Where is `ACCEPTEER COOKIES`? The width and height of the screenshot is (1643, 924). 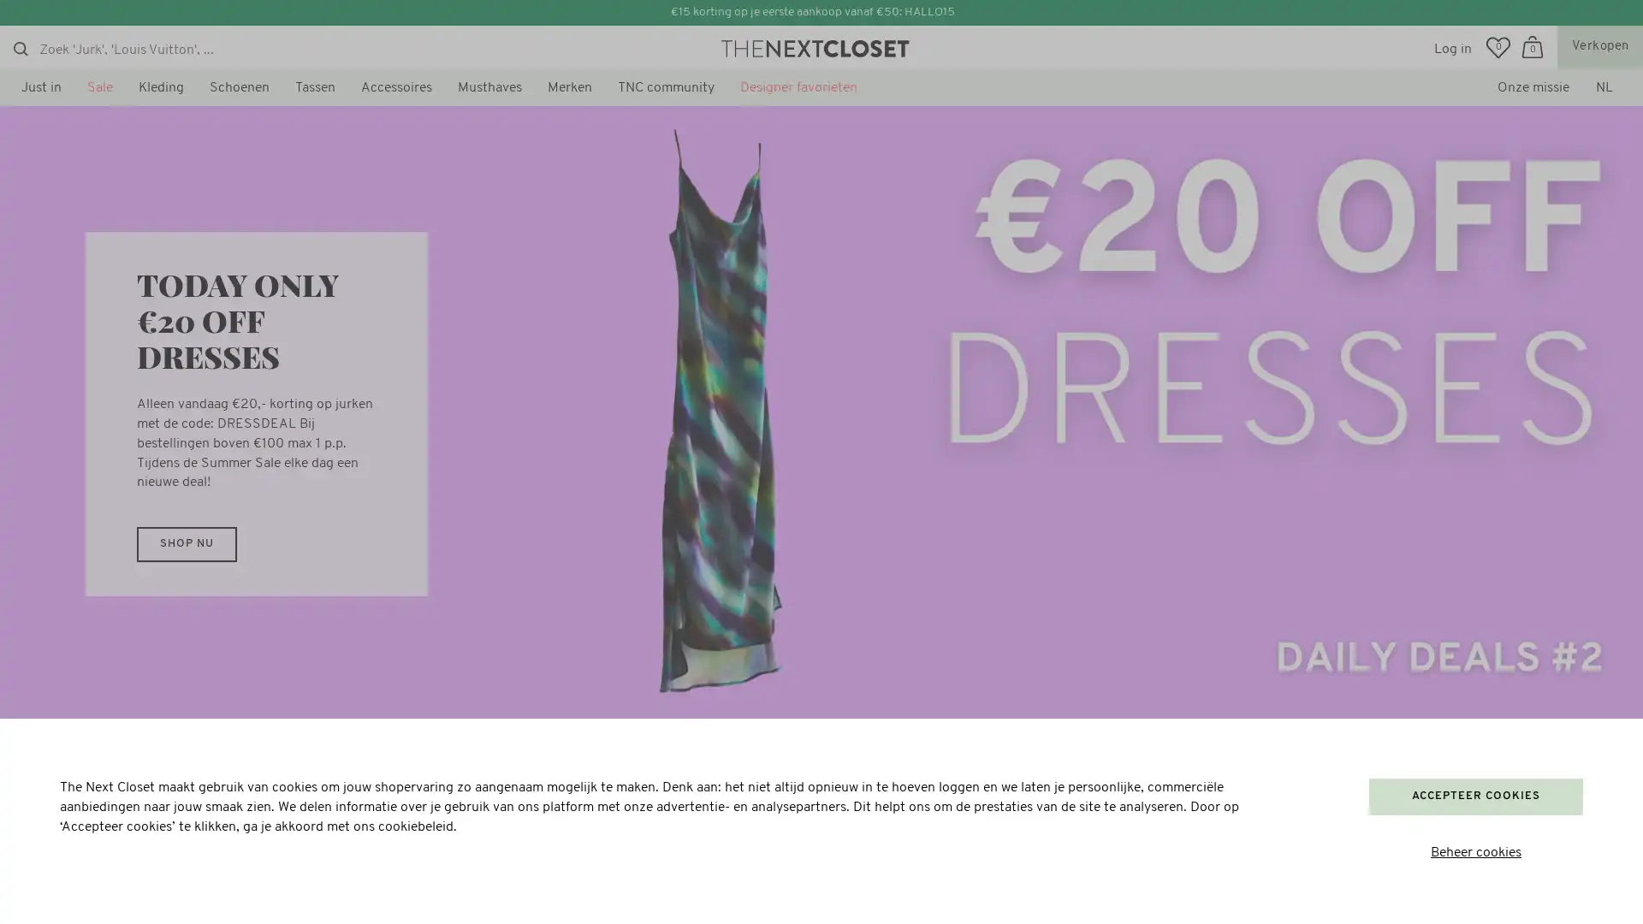
ACCEPTEER COOKIES is located at coordinates (1474, 796).